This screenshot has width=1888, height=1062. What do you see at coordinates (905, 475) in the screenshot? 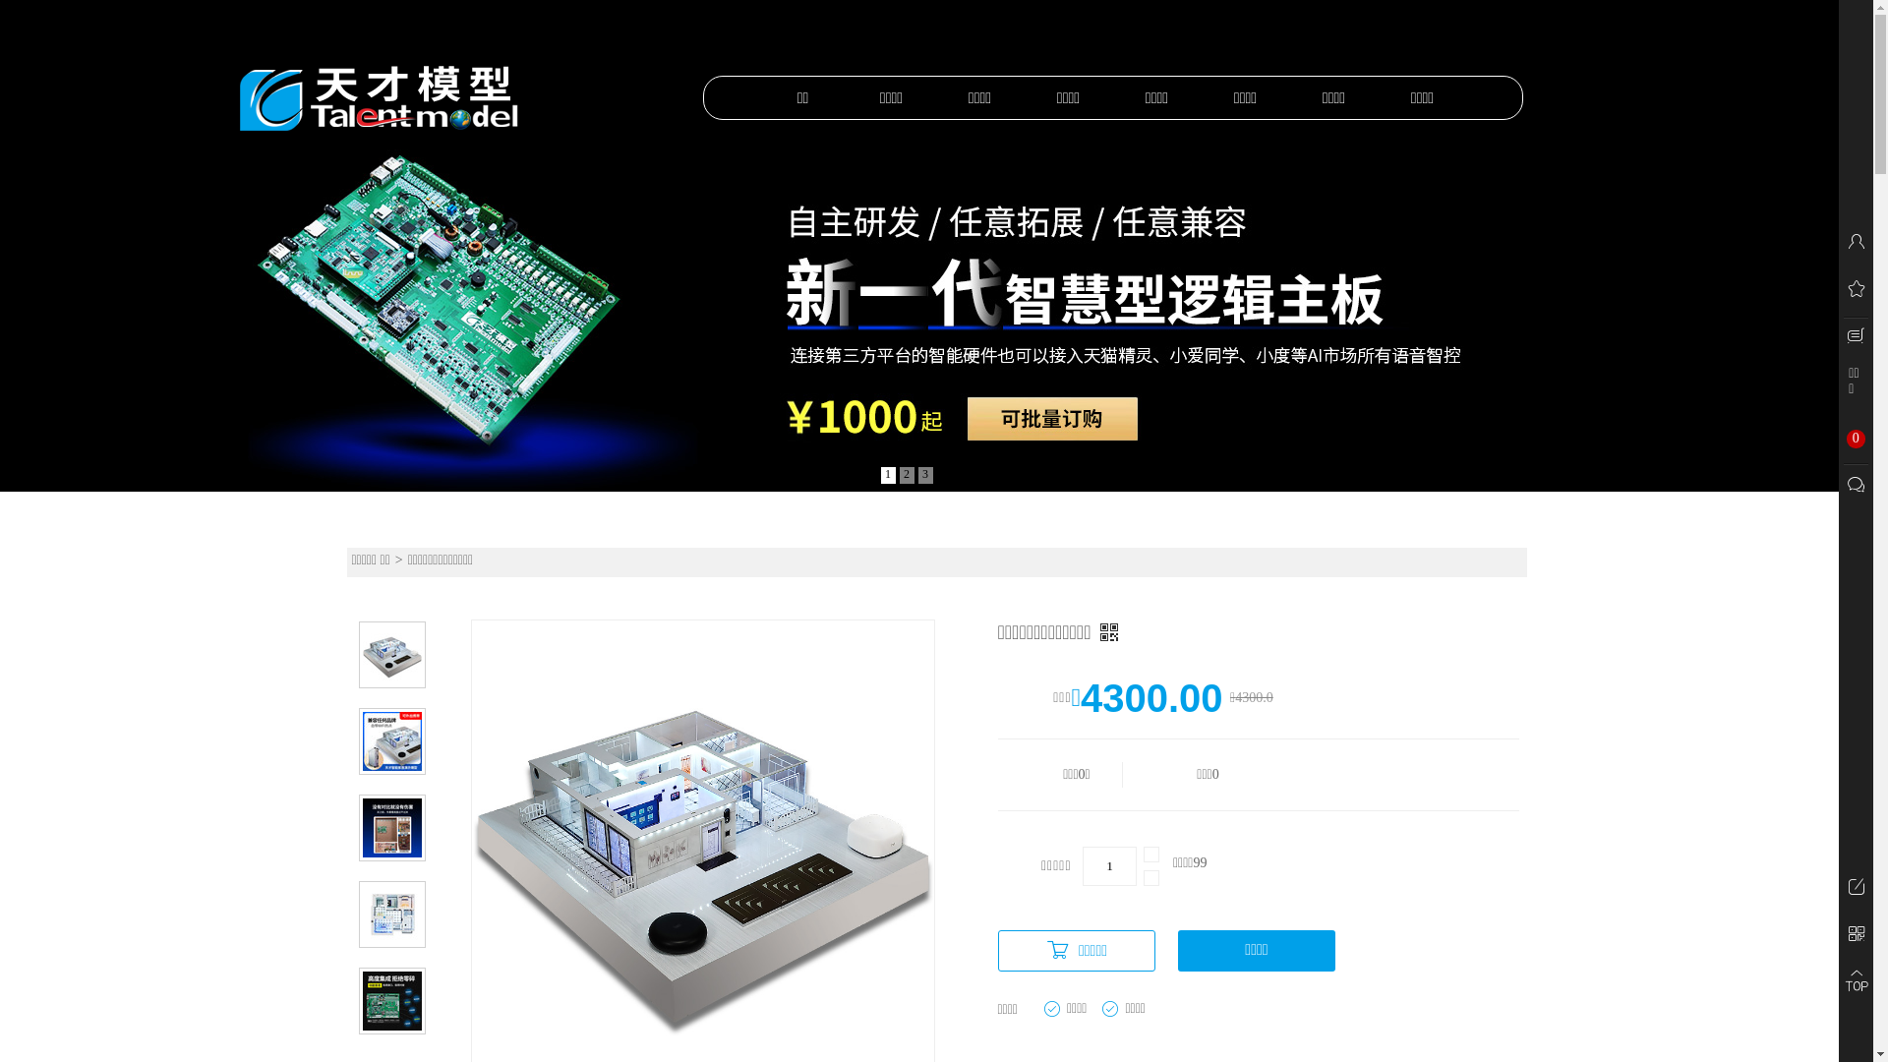
I see `'2'` at bounding box center [905, 475].